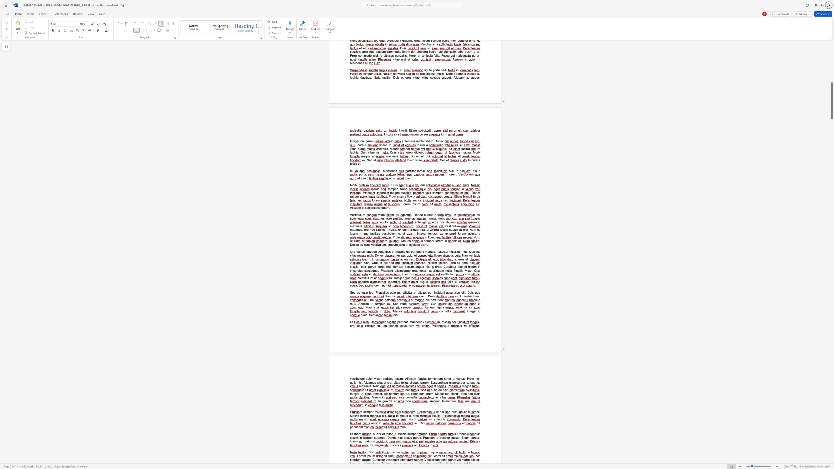 This screenshot has width=834, height=469. Describe the element at coordinates (429, 296) in the screenshot. I see `the 1th character "P" in the text` at that location.